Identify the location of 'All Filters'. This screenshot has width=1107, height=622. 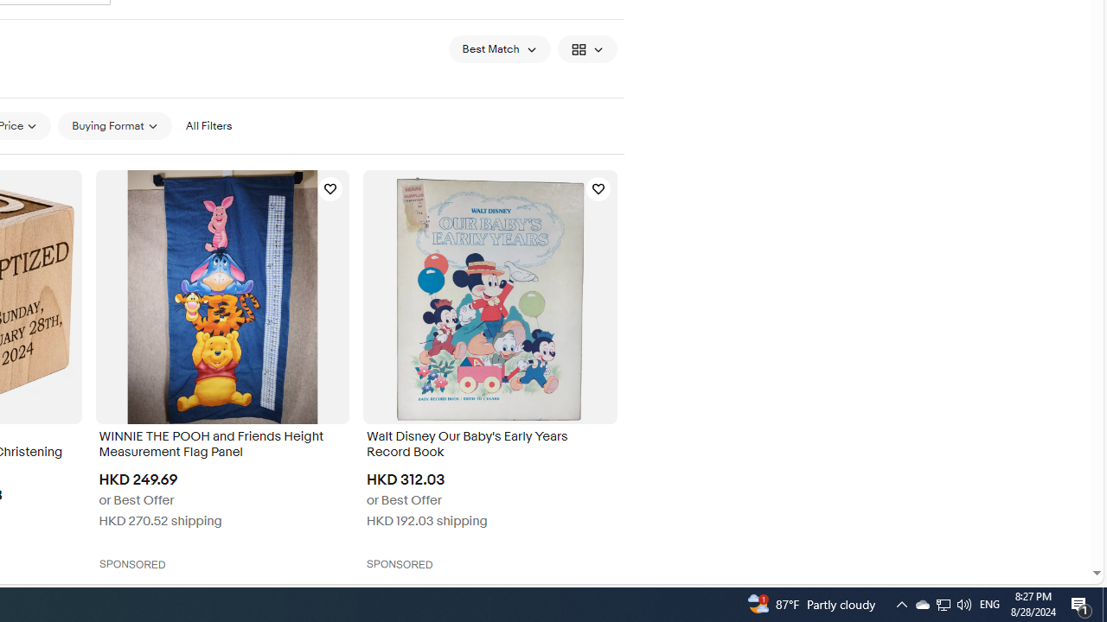
(208, 124).